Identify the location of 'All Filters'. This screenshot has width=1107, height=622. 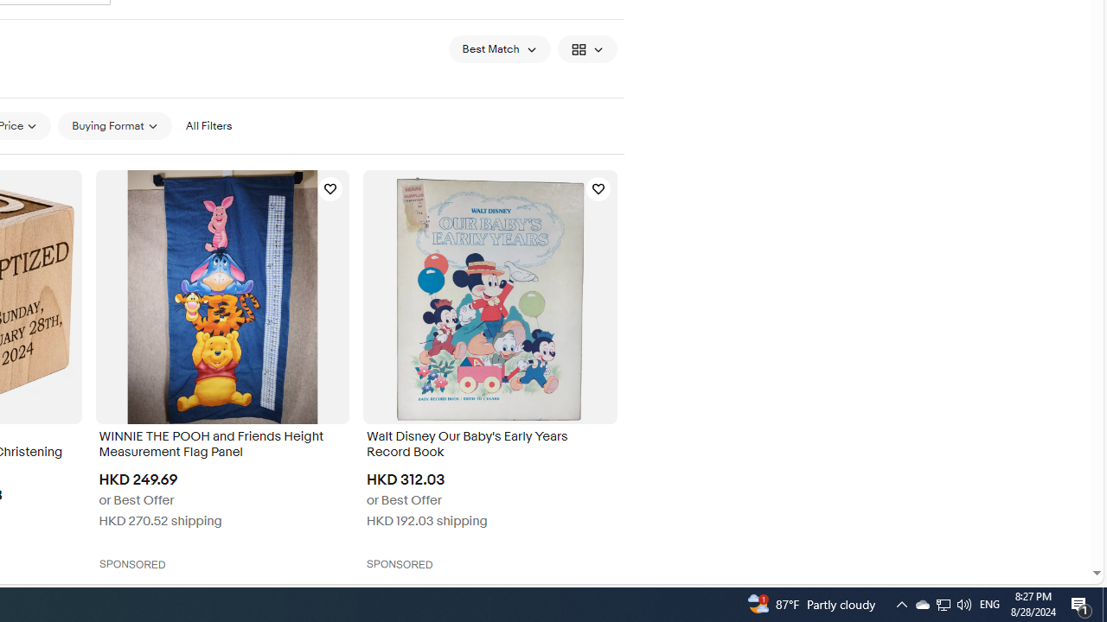
(208, 124).